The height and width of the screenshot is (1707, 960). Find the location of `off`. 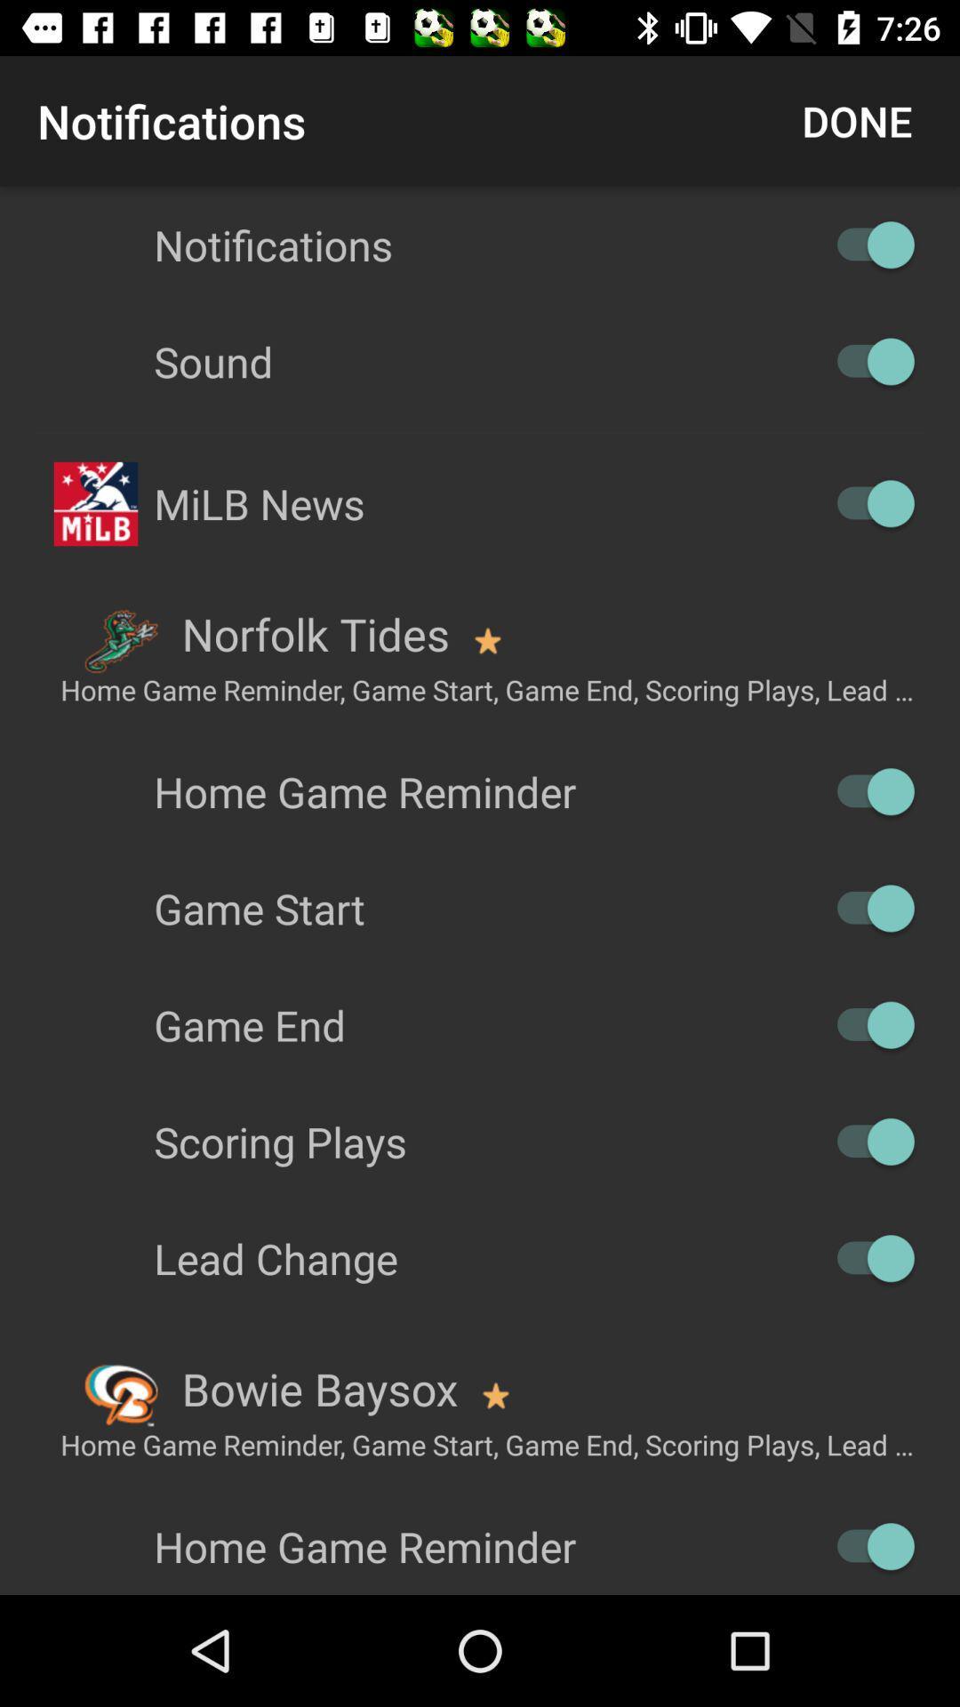

off is located at coordinates (866, 1545).